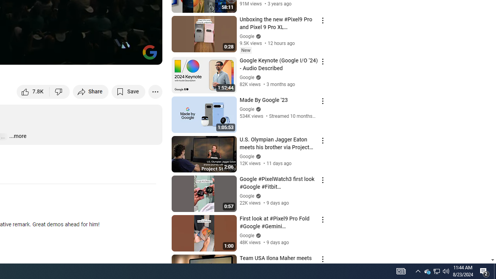 Image resolution: width=496 pixels, height=279 pixels. What do you see at coordinates (74, 55) in the screenshot?
I see `'Subtitles/closed captions unavailable'` at bounding box center [74, 55].